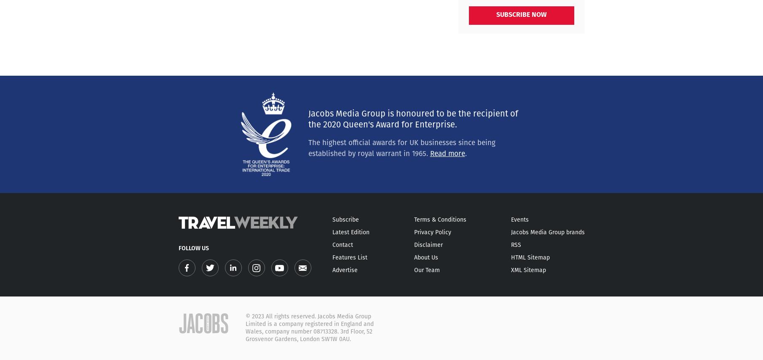  Describe the element at coordinates (447, 154) in the screenshot. I see `'Read more'` at that location.